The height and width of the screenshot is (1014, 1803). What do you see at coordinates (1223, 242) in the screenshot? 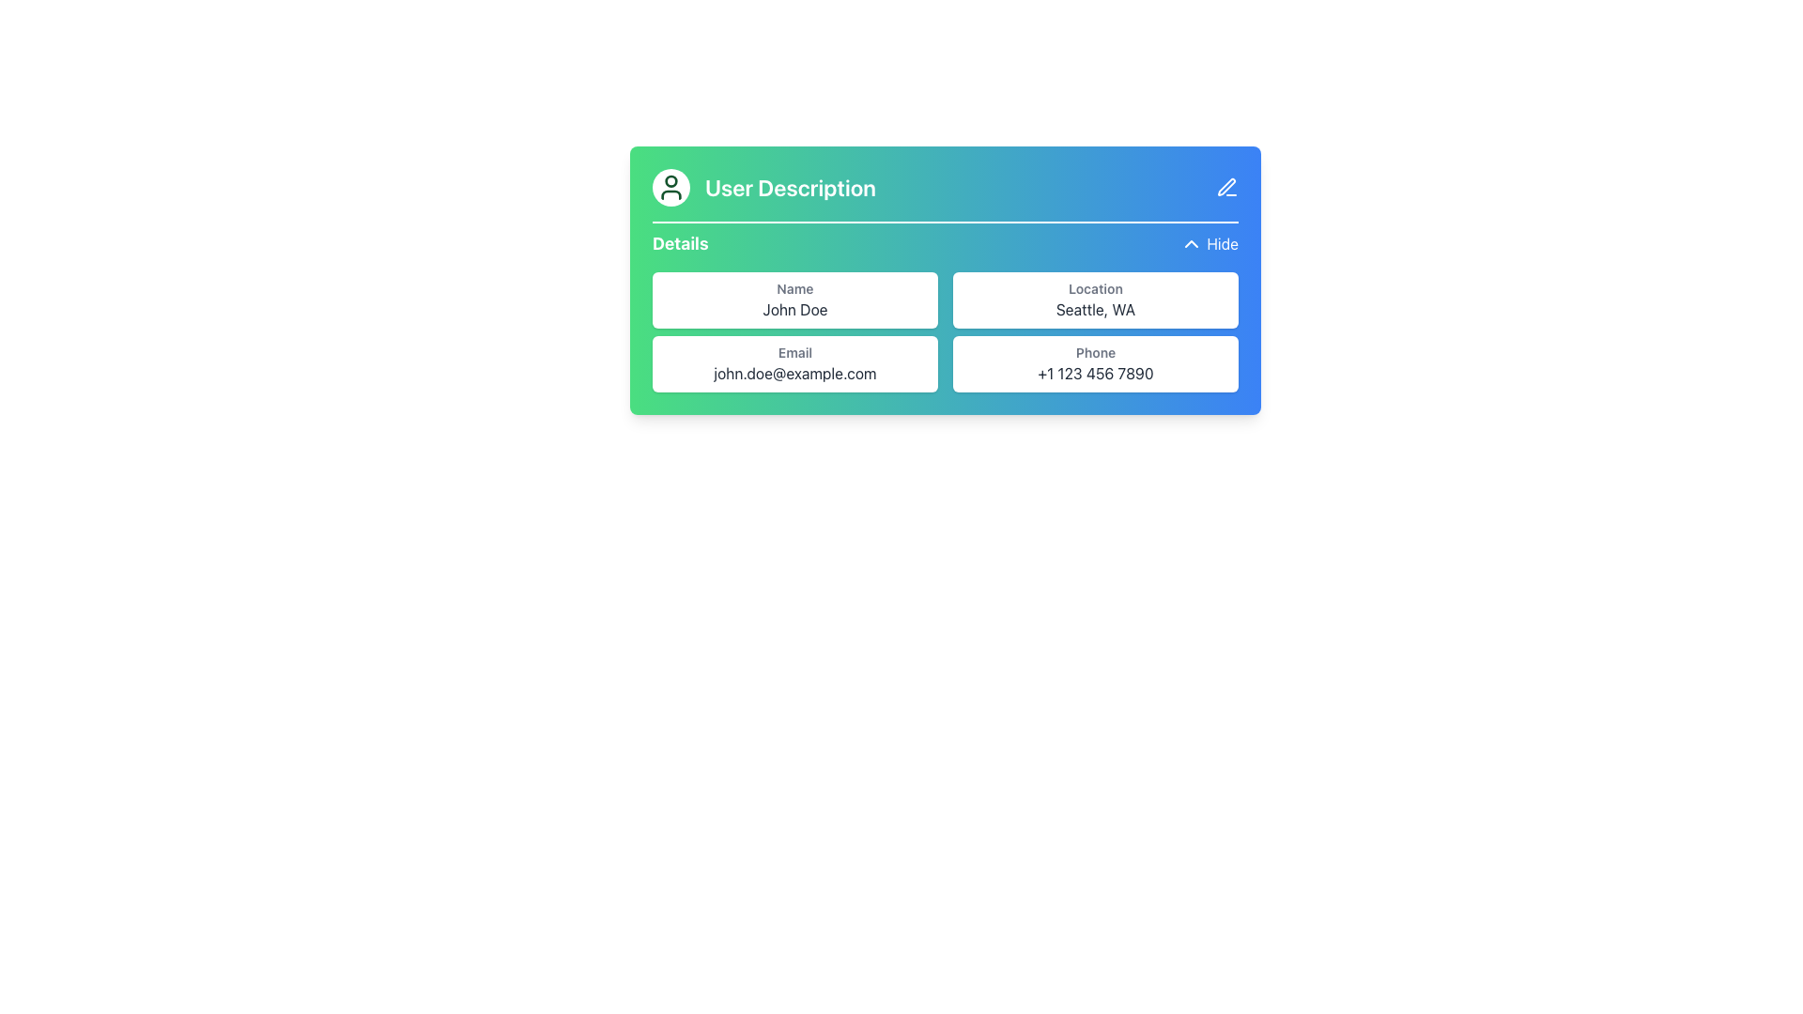
I see `the 'Hide' text label, which has a white font on a blue background, located at the bottom-right corner of the card interface, next to an upward-pointing chevron icon` at bounding box center [1223, 242].